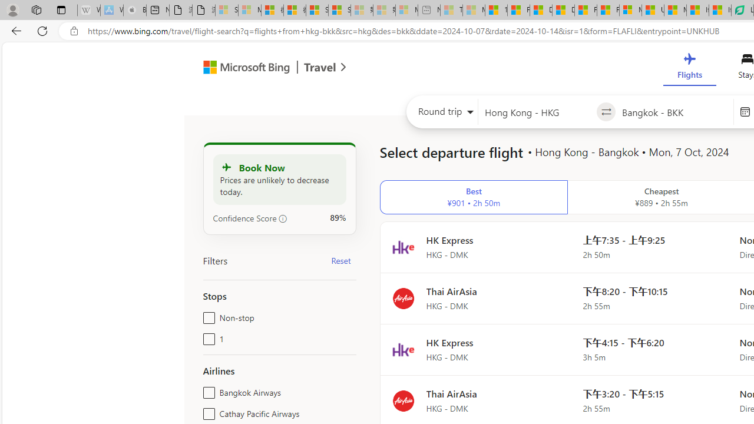  What do you see at coordinates (135, 10) in the screenshot?
I see `'Buy iPad - Apple - Sleeping'` at bounding box center [135, 10].